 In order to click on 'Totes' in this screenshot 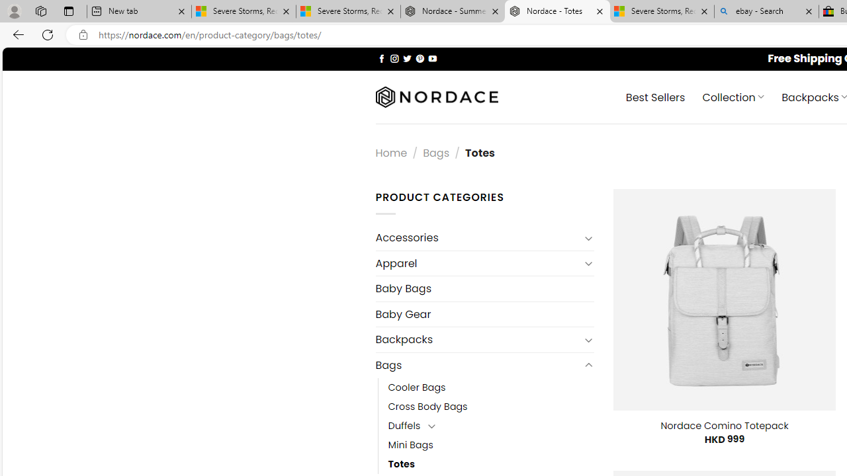, I will do `click(400, 463)`.